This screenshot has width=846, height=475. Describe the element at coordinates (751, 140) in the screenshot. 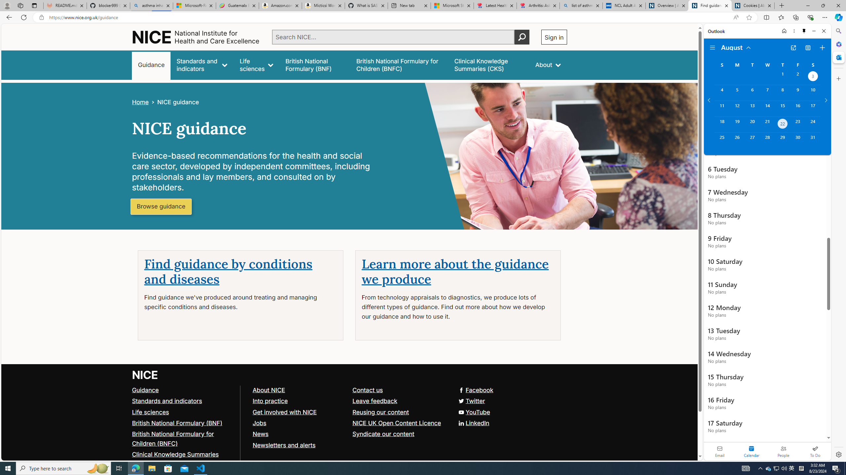

I see `'Tuesday, August 27, 2024. '` at that location.